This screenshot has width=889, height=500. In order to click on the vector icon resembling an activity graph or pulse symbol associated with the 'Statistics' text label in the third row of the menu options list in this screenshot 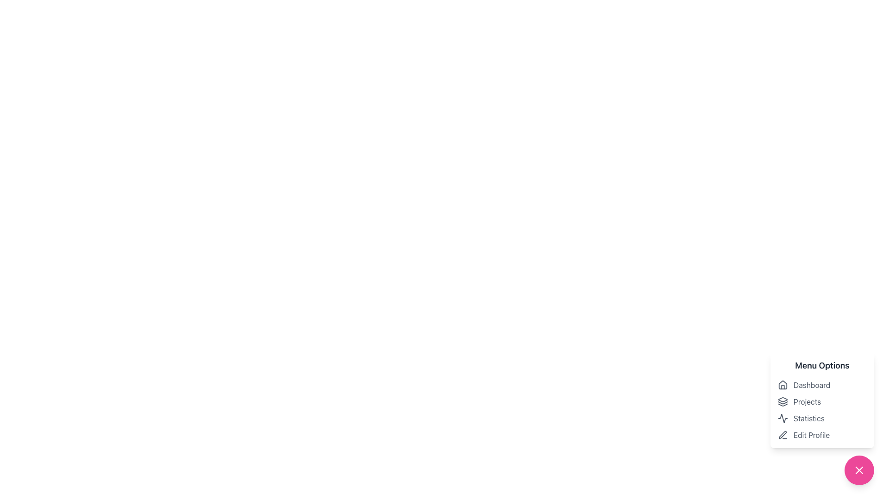, I will do `click(782, 418)`.